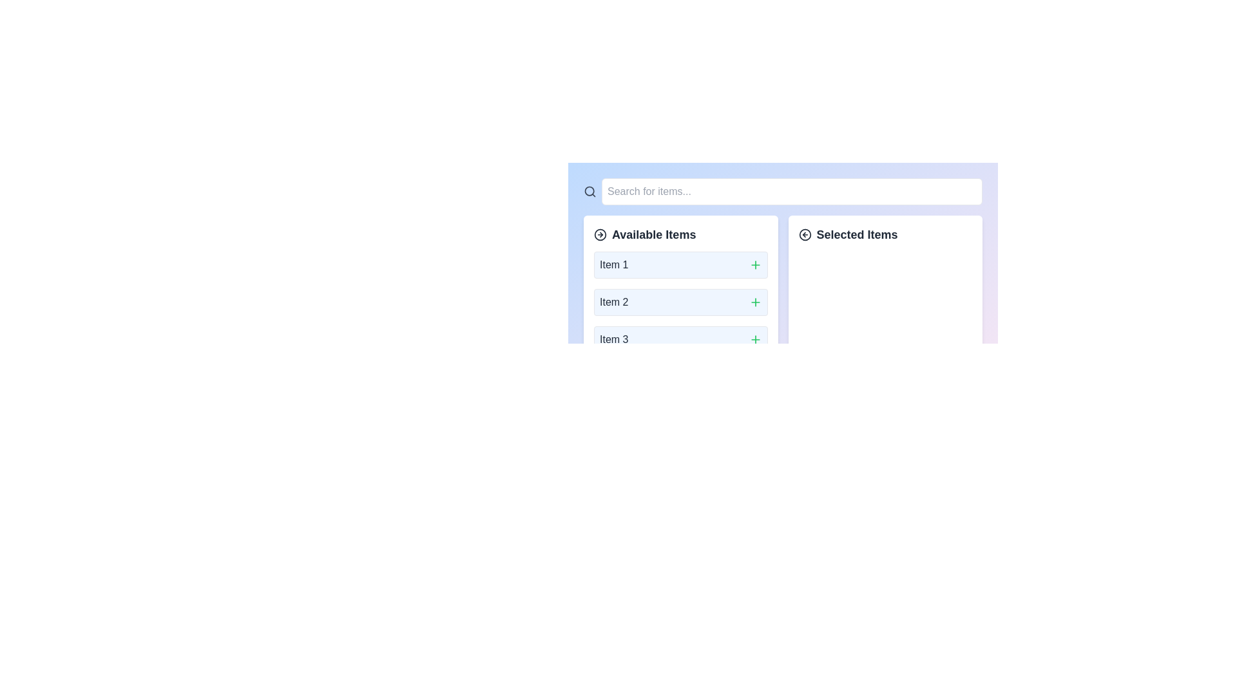 This screenshot has width=1237, height=695. What do you see at coordinates (680, 264) in the screenshot?
I see `the first item in the list of 'Available Items' to provide visual feedback` at bounding box center [680, 264].